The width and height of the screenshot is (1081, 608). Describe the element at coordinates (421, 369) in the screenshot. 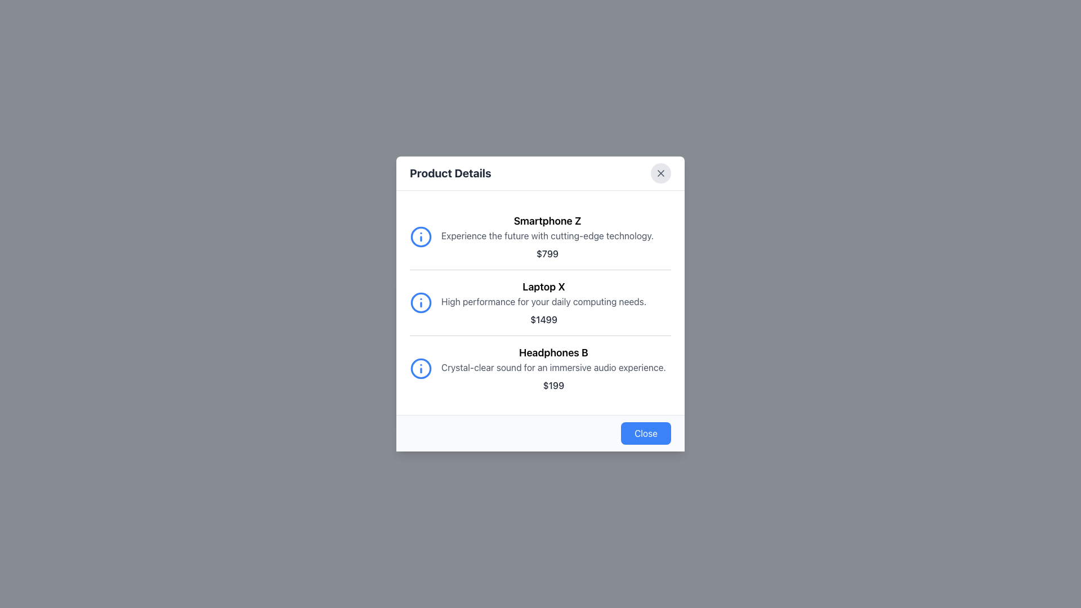

I see `the information icon located to the left of the 'Headphones B' product description in the third item of the vertical list` at that location.